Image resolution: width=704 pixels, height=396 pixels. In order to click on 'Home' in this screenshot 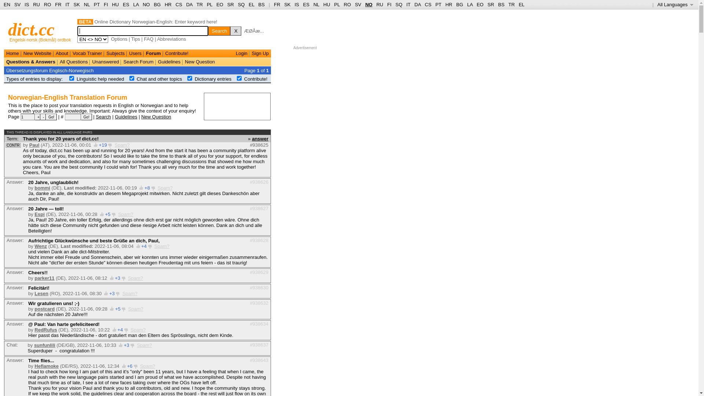, I will do `click(12, 53)`.